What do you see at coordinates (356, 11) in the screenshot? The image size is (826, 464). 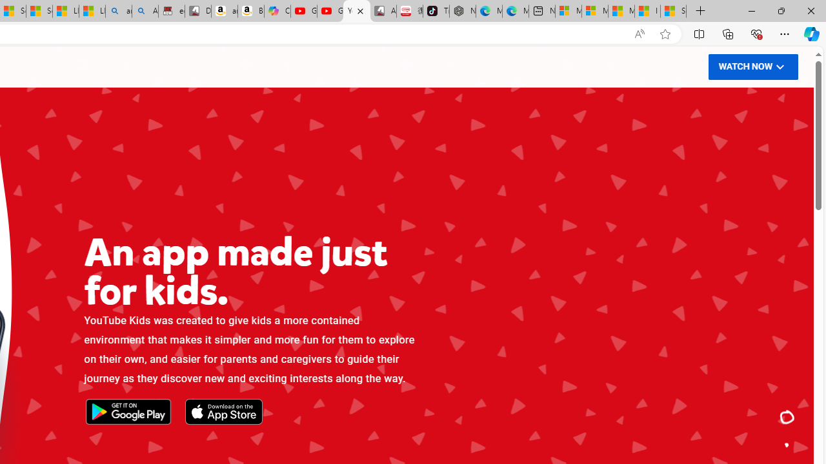 I see `'YouTube Kids - An App Created for Kids to Explore Content'` at bounding box center [356, 11].